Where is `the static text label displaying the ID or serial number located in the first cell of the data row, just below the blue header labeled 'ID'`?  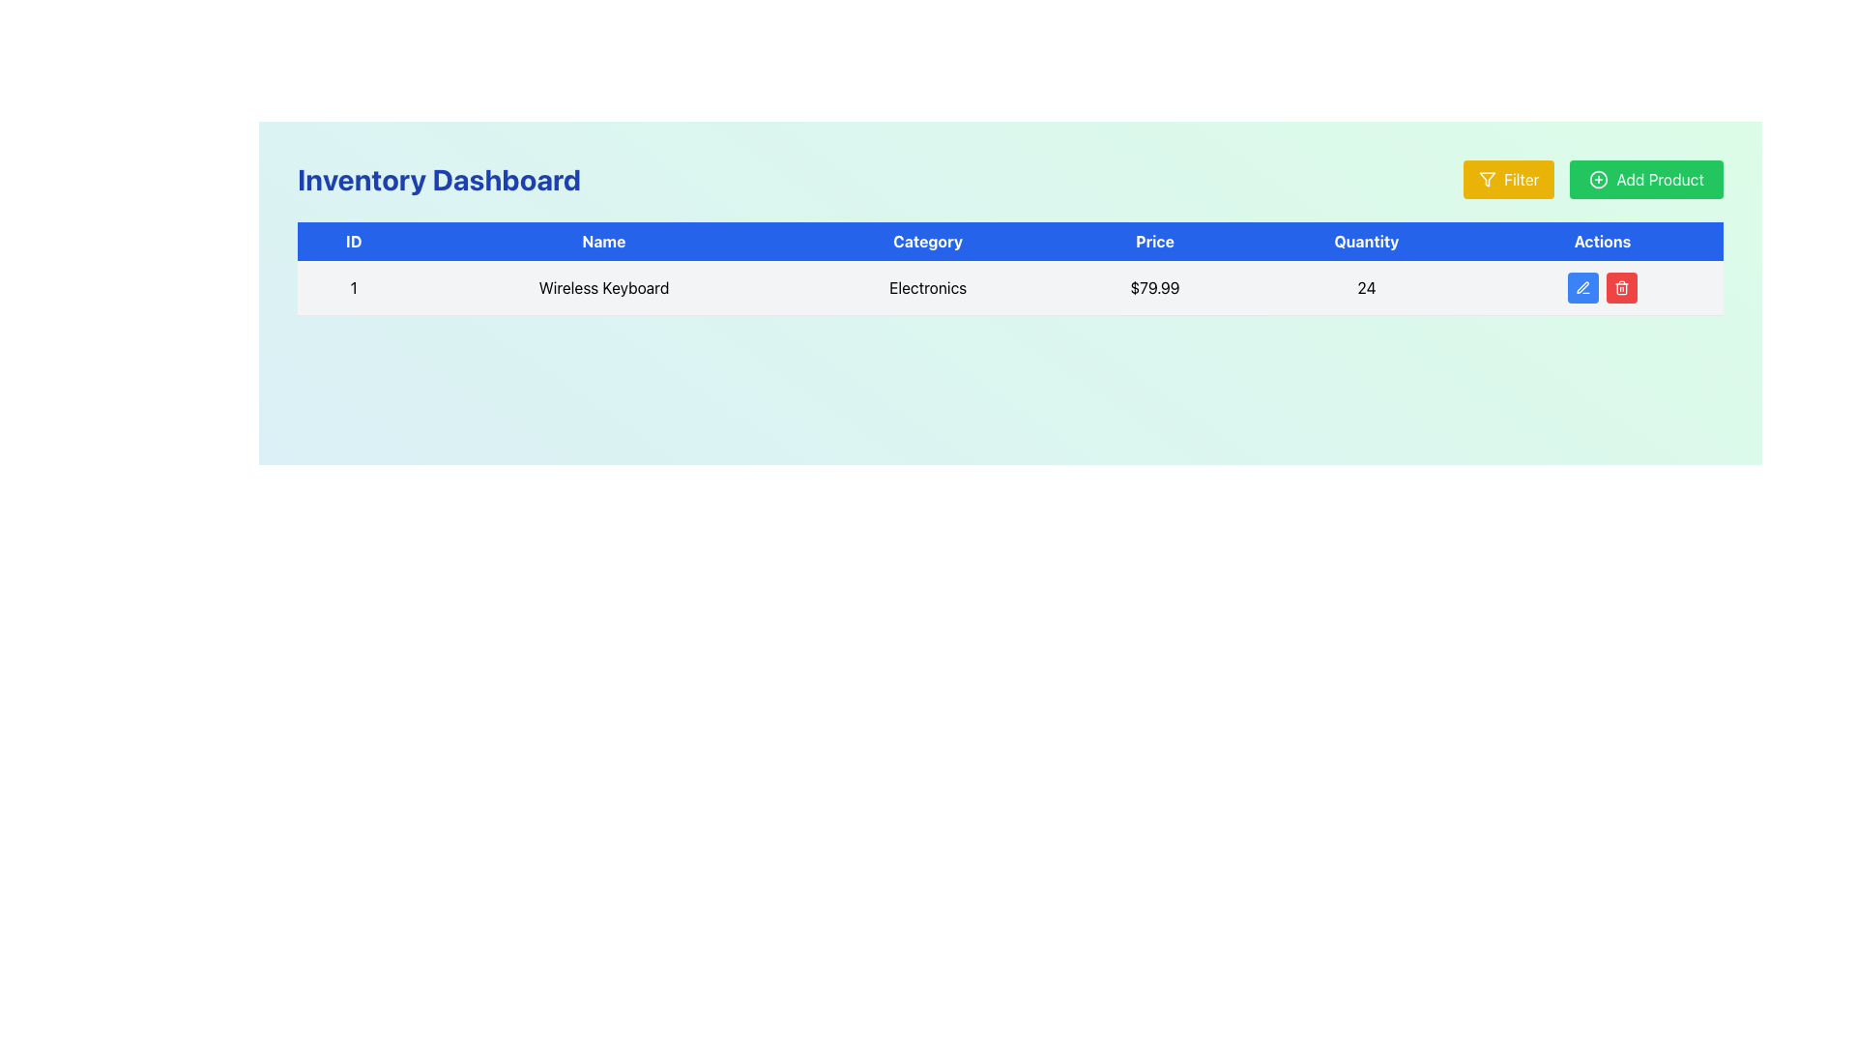 the static text label displaying the ID or serial number located in the first cell of the data row, just below the blue header labeled 'ID' is located at coordinates (354, 288).